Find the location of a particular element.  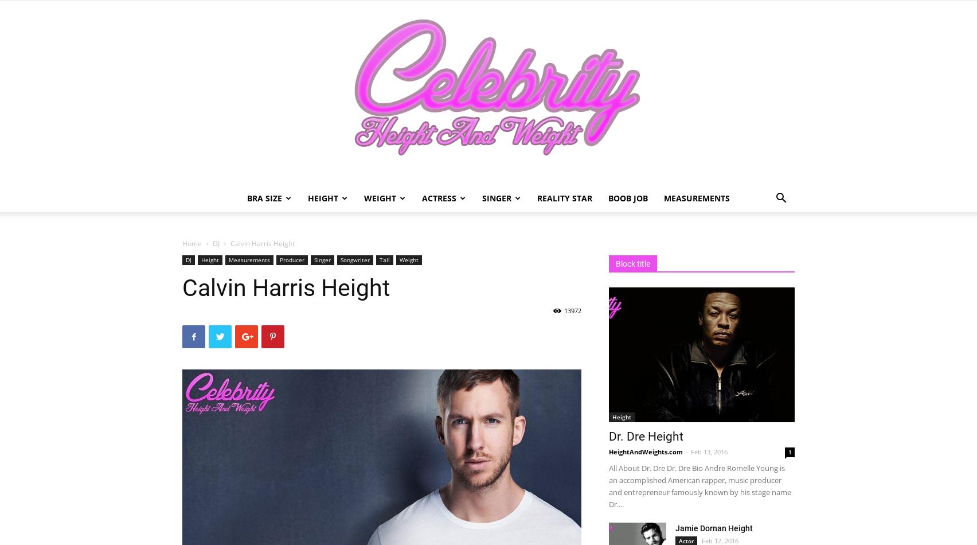

'Actor' is located at coordinates (678, 540).